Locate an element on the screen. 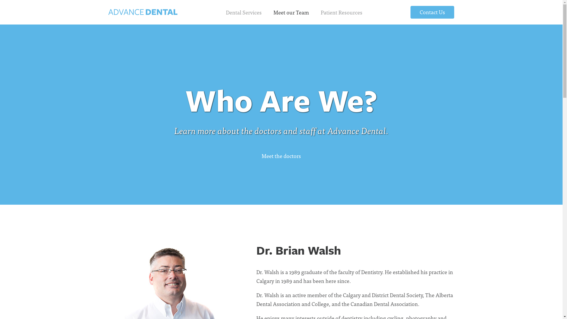 This screenshot has height=319, width=567. 'Meet the doctors' is located at coordinates (281, 156).